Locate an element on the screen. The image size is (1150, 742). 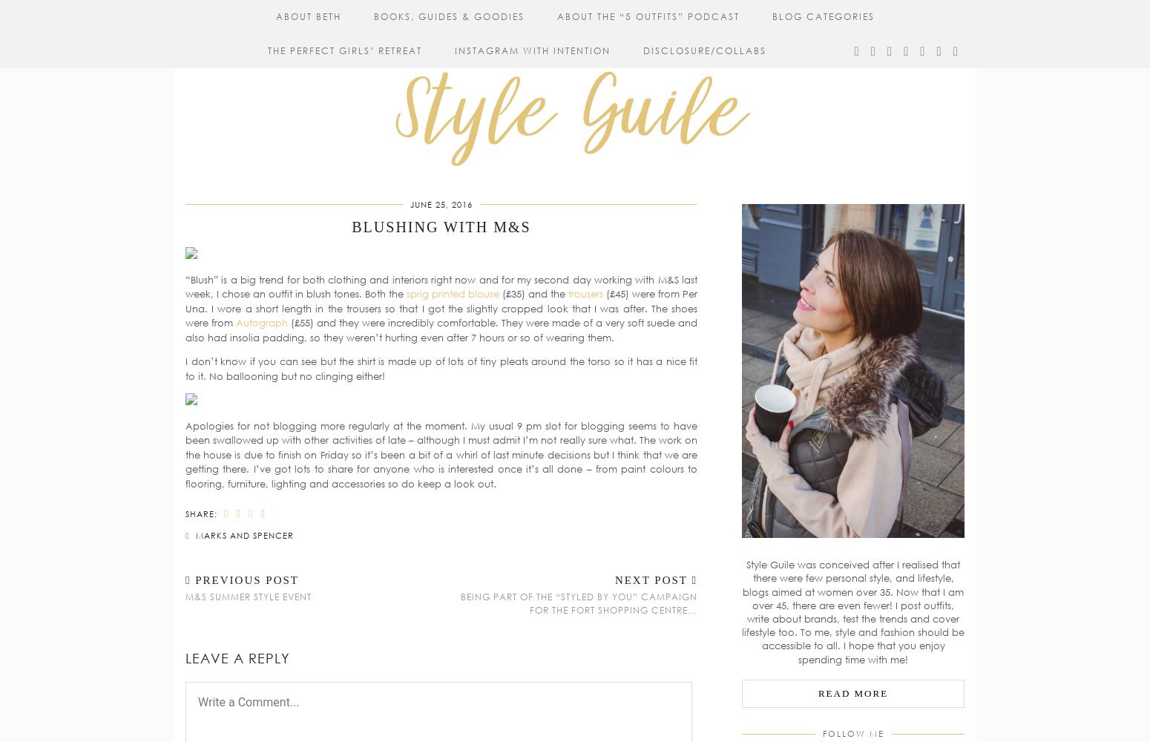
'Previous Post' is located at coordinates (243, 580).